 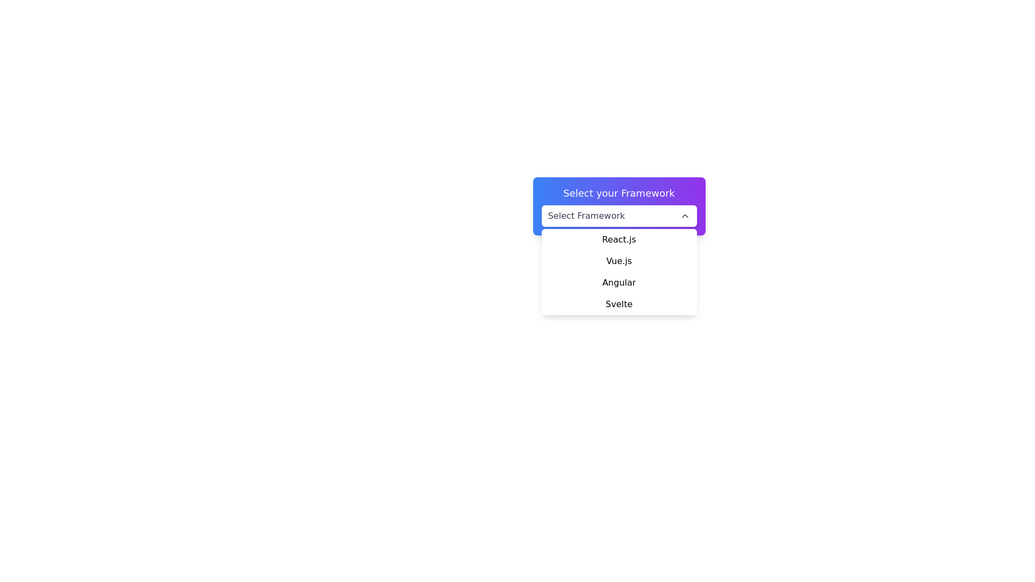 I want to click on the dropdown item labeled 'Svelte' in the 'Select your Framework' menu for potential visual feedback, so click(x=619, y=304).